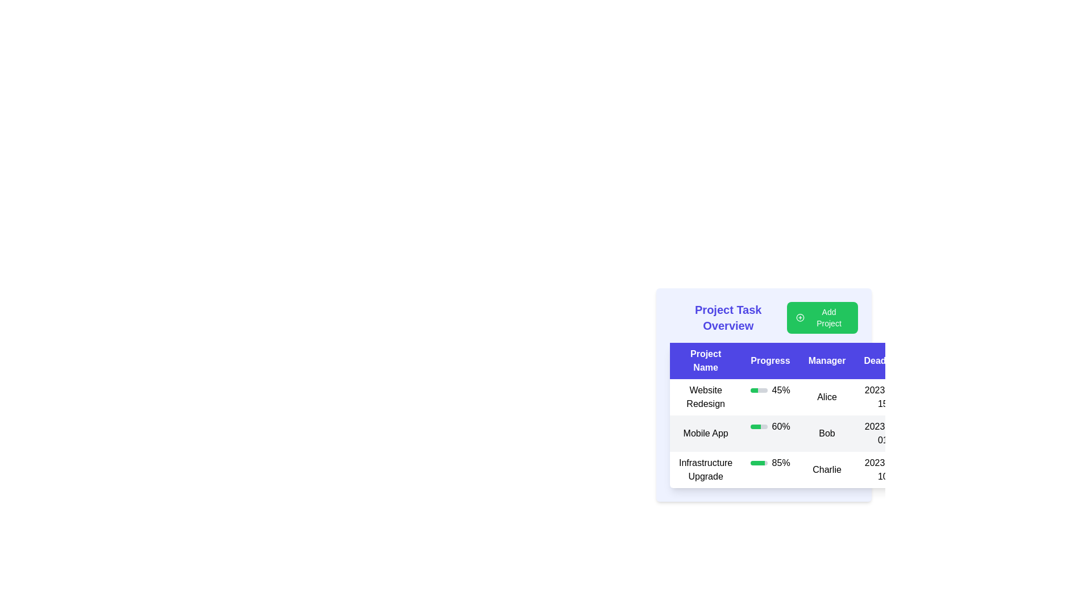 Image resolution: width=1091 pixels, height=613 pixels. I want to click on styling of the 'Progress' table header item, which is the second header in a horizontally aligned table row with a blue background and bold white font, so click(790, 361).